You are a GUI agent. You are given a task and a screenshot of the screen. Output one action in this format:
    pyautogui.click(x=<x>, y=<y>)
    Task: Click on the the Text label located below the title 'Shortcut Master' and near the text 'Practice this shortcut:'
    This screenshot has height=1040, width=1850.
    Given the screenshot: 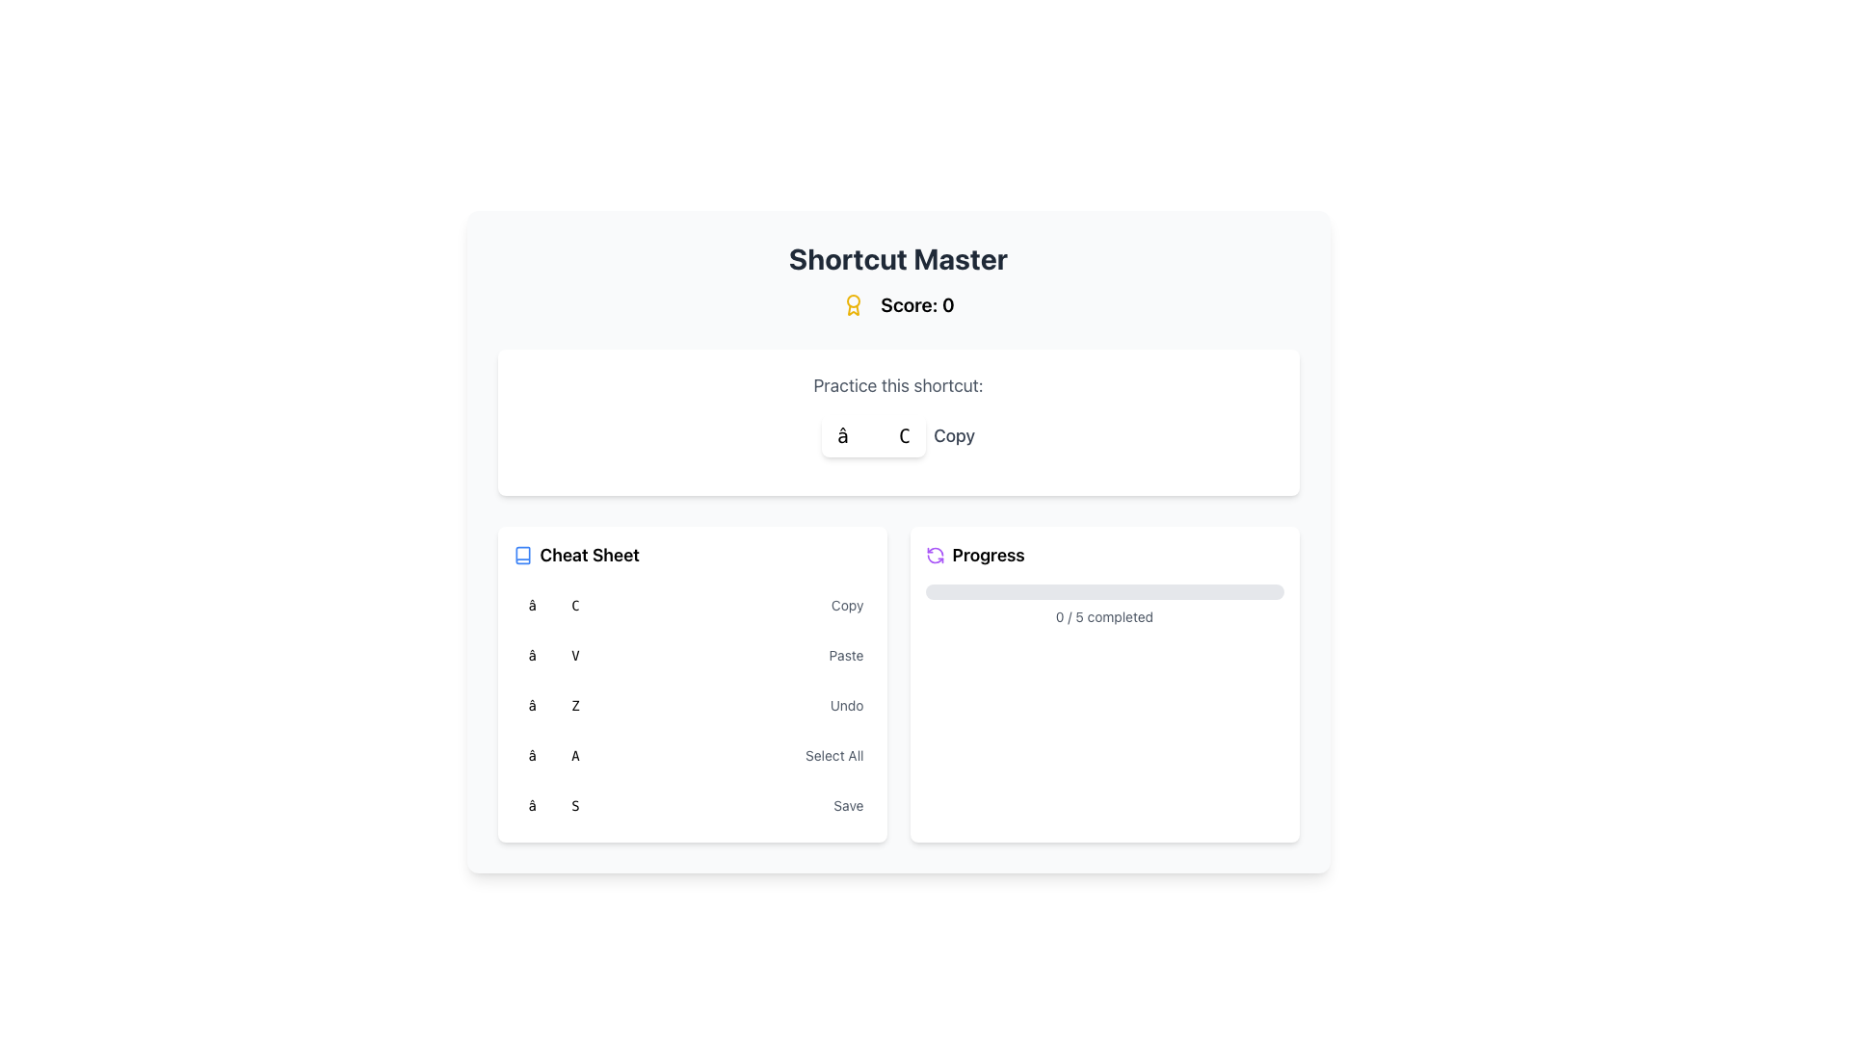 What is the action you would take?
    pyautogui.click(x=954, y=435)
    